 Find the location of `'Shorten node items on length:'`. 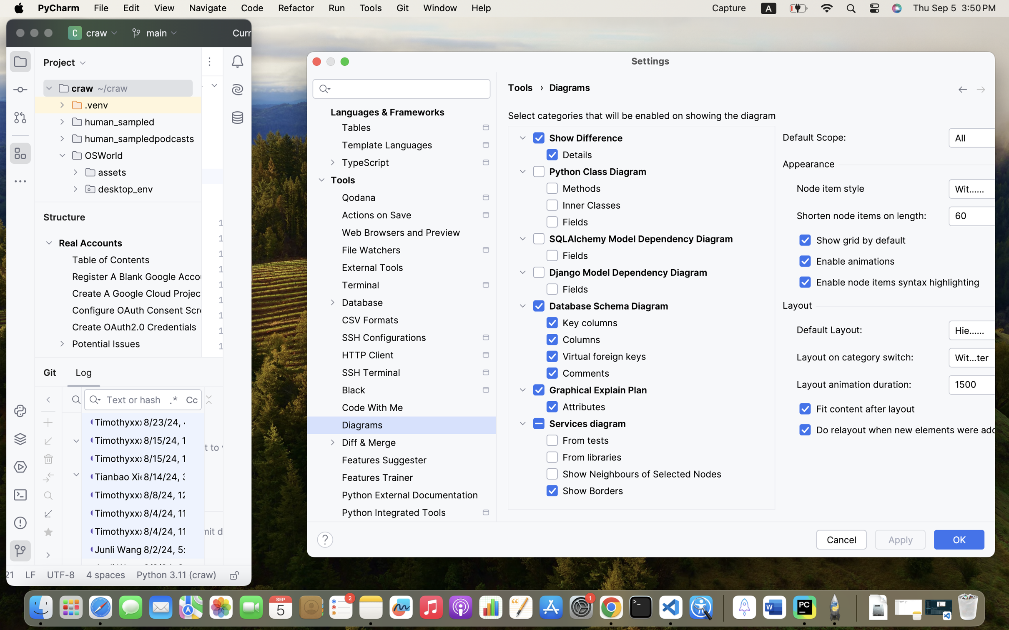

'Shorten node items on length:' is located at coordinates (868, 215).